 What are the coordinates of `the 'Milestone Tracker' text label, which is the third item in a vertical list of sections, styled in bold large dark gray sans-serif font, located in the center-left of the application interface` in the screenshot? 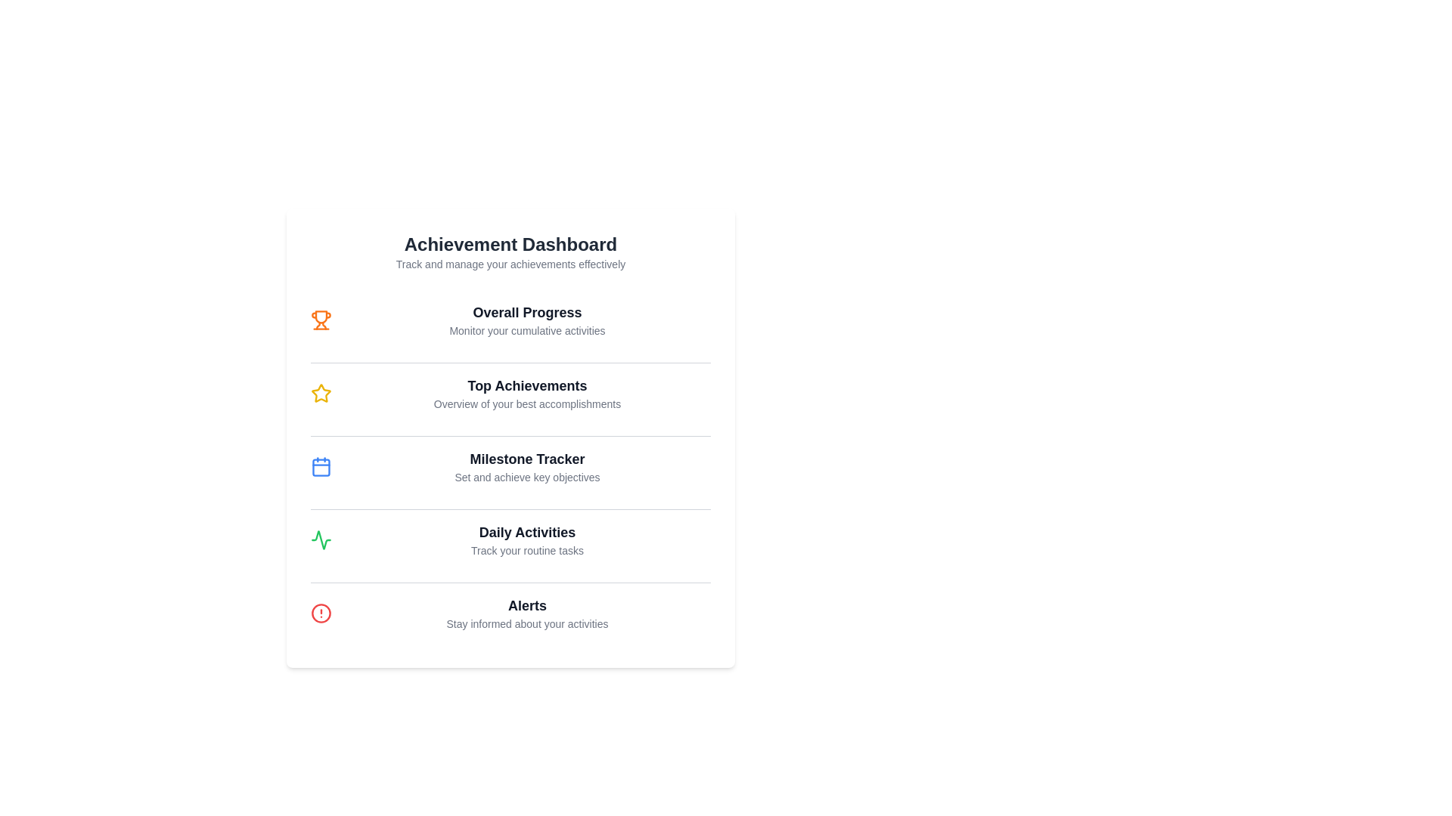 It's located at (527, 459).